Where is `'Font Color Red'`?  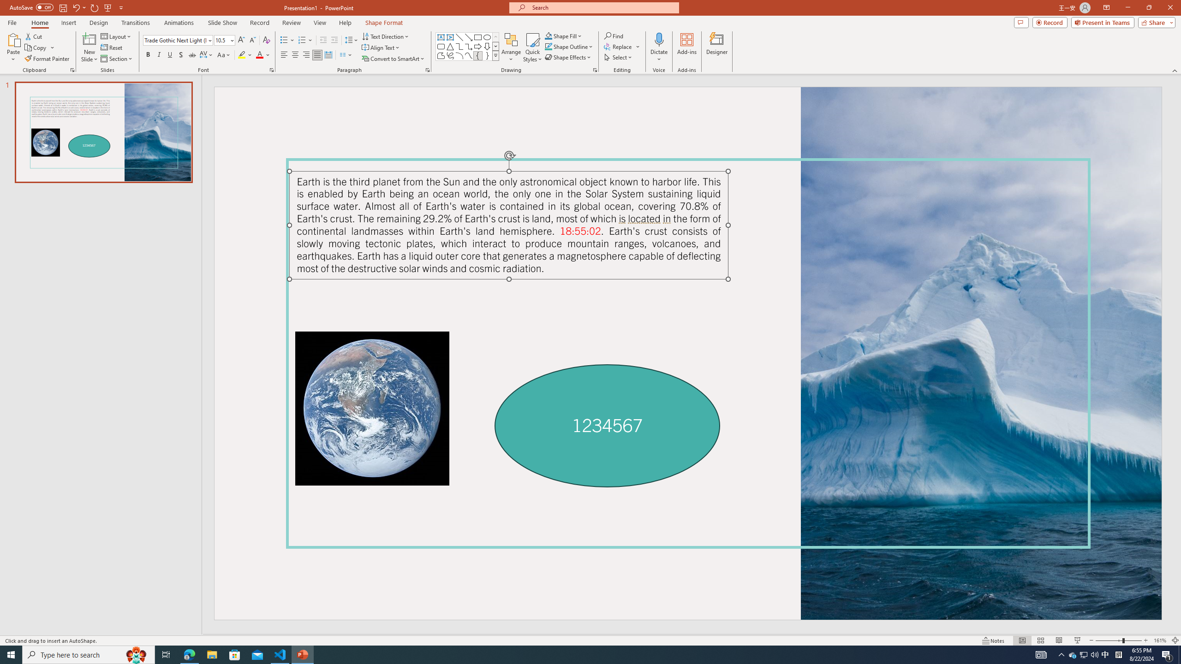
'Font Color Red' is located at coordinates (259, 54).